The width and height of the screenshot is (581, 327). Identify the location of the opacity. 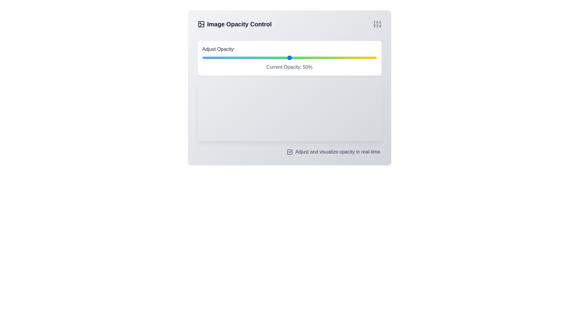
(296, 58).